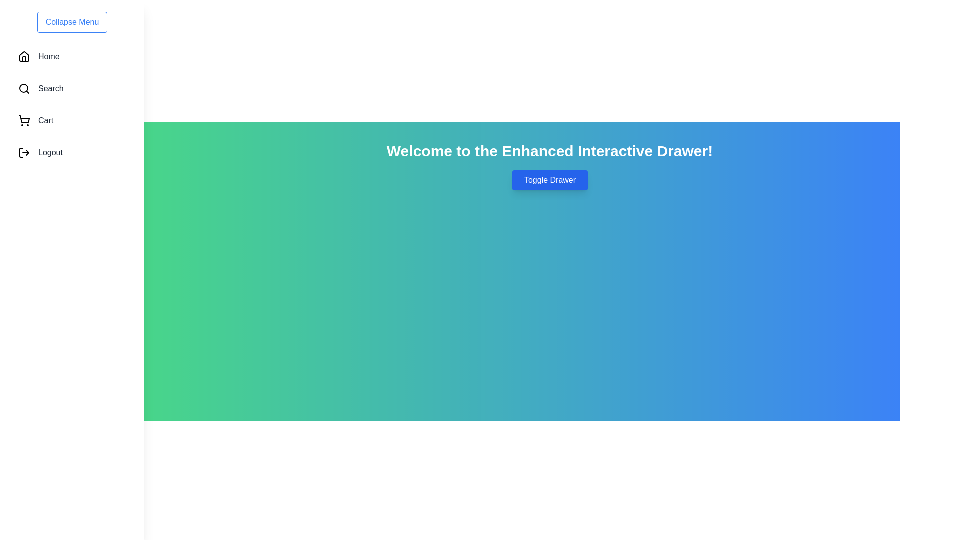 The height and width of the screenshot is (540, 961). Describe the element at coordinates (72, 152) in the screenshot. I see `the 'Logout' menu item to select it` at that location.